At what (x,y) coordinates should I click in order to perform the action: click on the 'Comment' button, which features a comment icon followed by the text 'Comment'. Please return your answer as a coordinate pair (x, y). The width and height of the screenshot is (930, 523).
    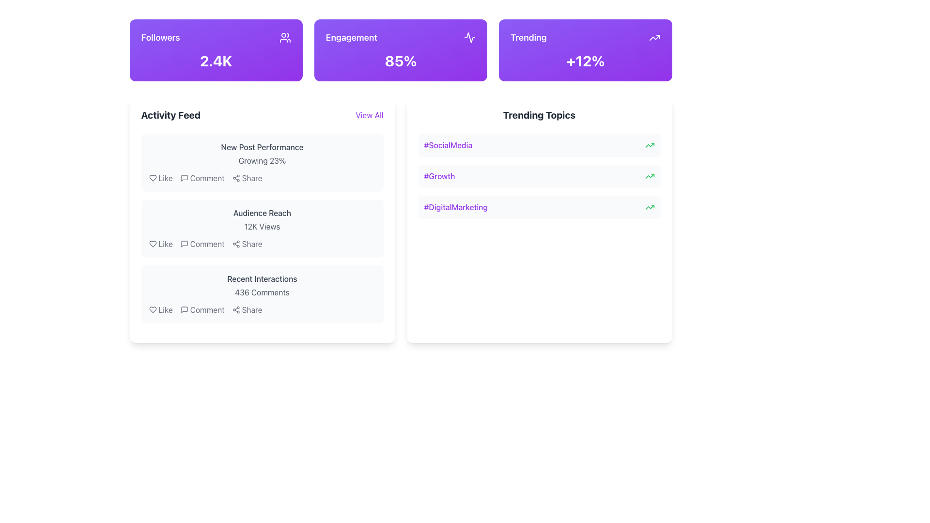
    Looking at the image, I should click on (202, 244).